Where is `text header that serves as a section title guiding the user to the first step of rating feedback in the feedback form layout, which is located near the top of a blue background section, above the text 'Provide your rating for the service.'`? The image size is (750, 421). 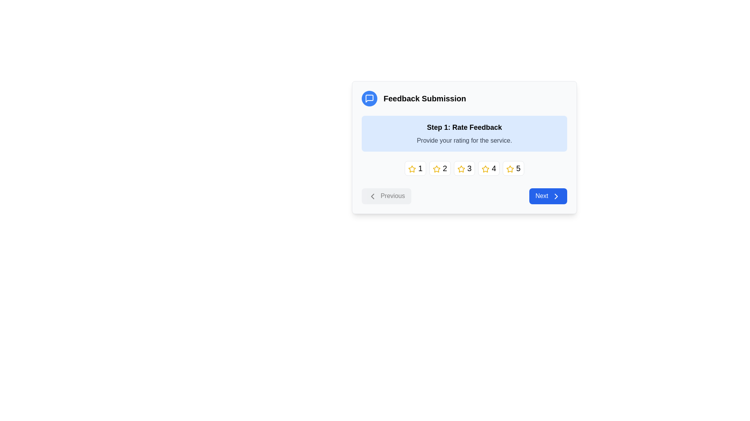 text header that serves as a section title guiding the user to the first step of rating feedback in the feedback form layout, which is located near the top of a blue background section, above the text 'Provide your rating for the service.' is located at coordinates (464, 127).